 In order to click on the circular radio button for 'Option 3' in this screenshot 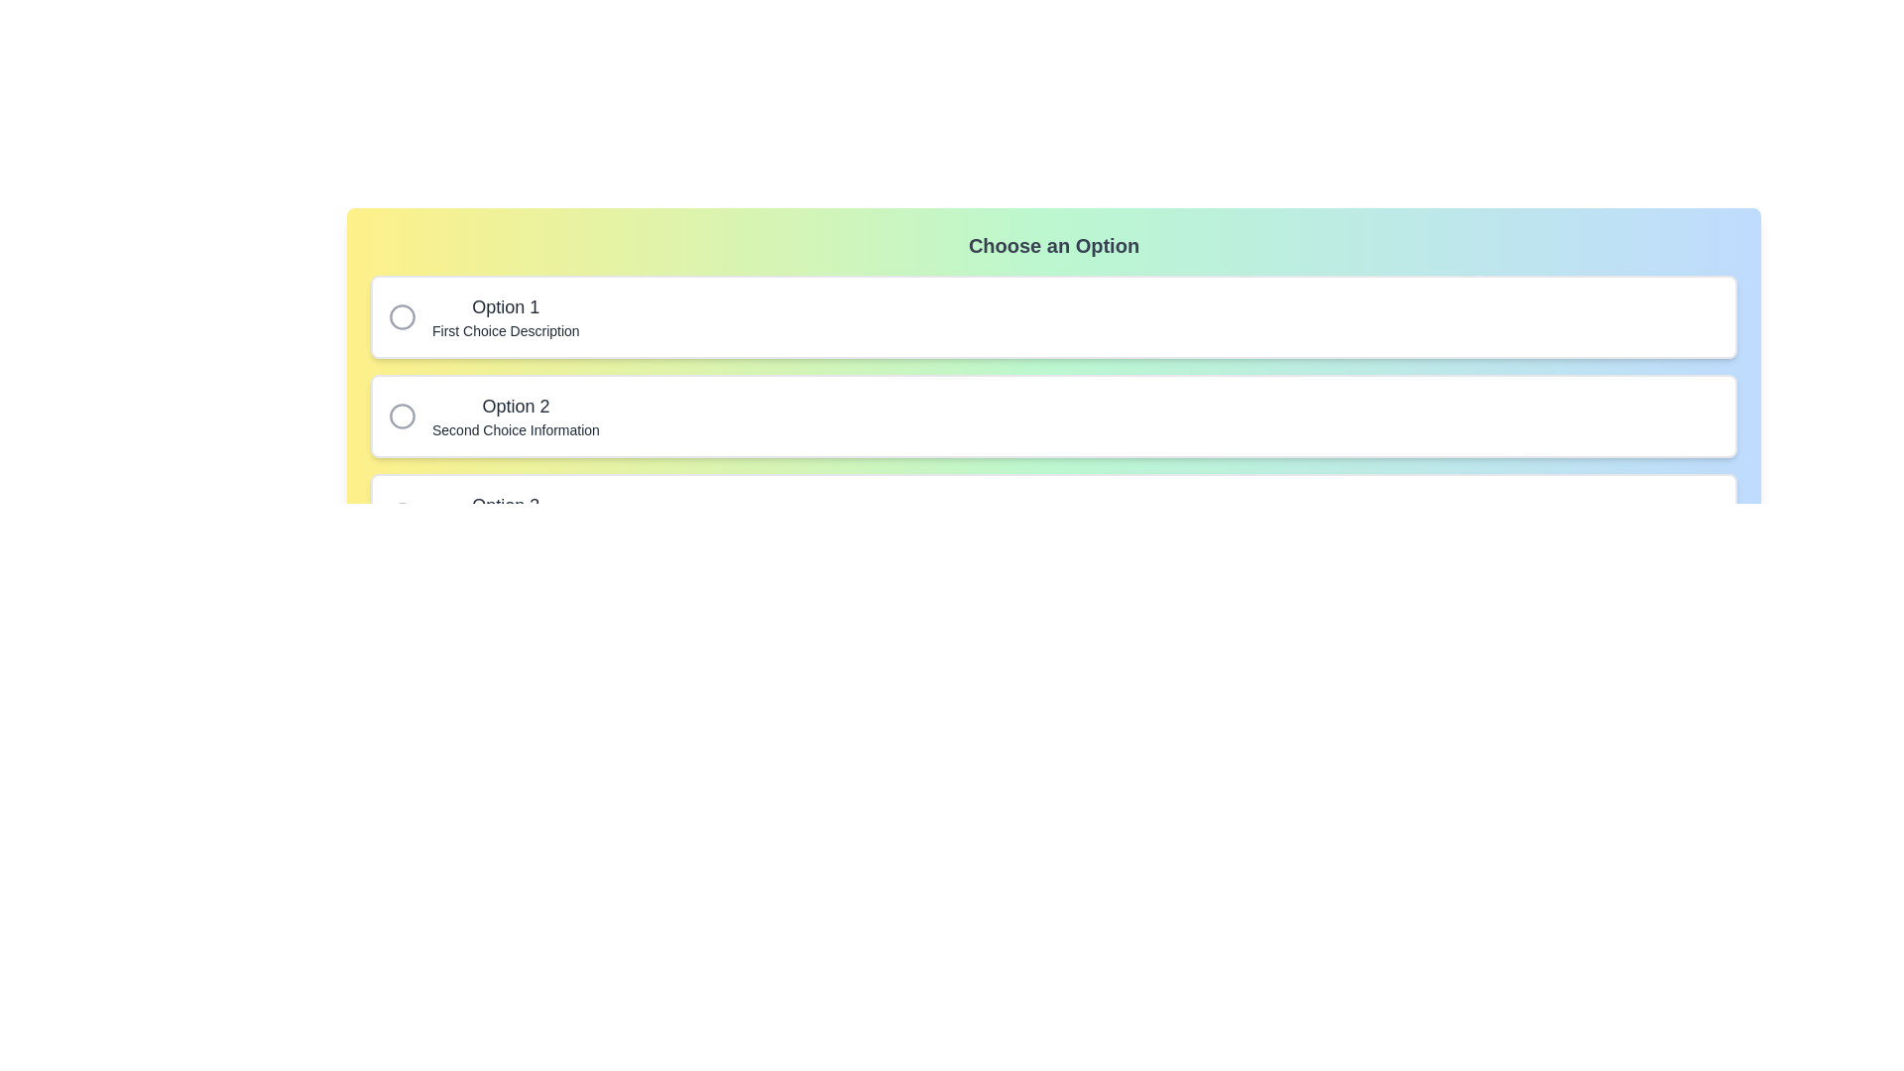, I will do `click(402, 515)`.